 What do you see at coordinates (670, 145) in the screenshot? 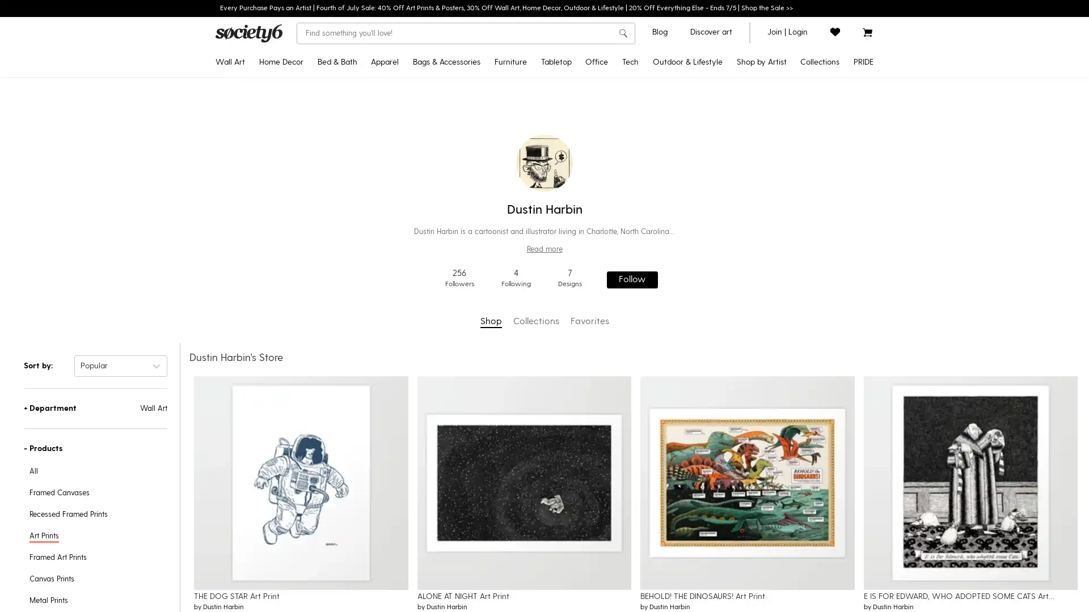
I see `Android Wallet Cases` at bounding box center [670, 145].